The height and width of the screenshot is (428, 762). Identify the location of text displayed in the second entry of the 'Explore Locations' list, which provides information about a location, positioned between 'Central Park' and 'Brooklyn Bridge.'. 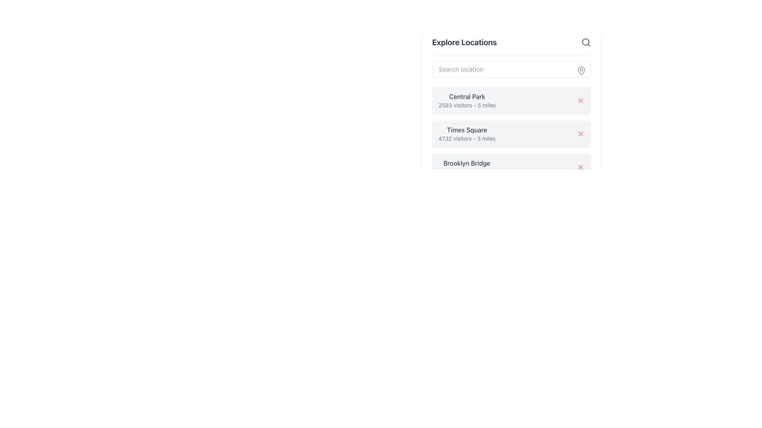
(467, 134).